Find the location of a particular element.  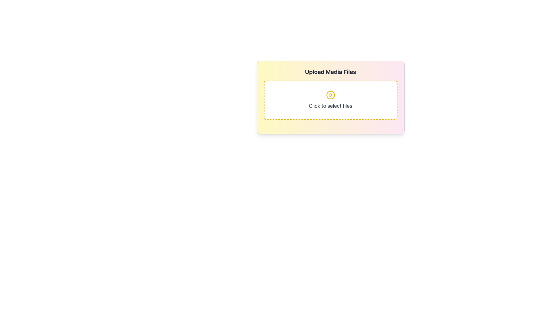

the clickable upload area labeled 'Click is located at coordinates (330, 100).